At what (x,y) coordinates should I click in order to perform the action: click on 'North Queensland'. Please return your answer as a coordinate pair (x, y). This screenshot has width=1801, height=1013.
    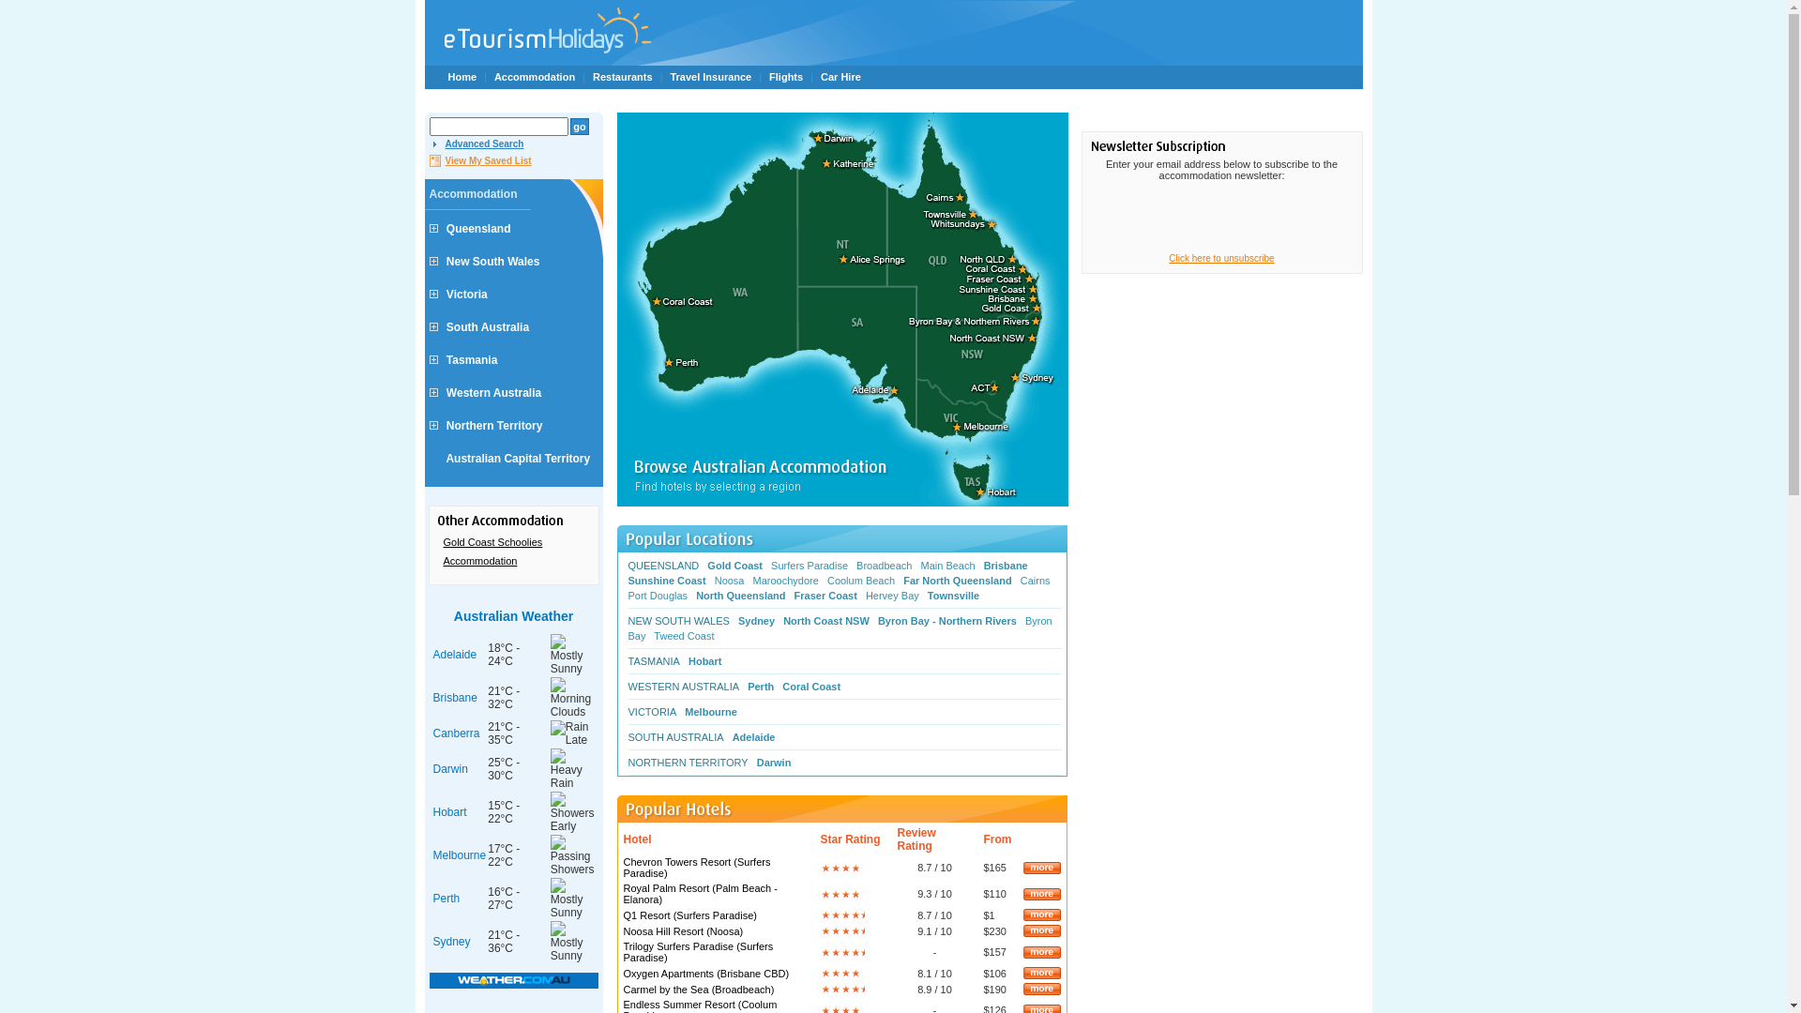
    Looking at the image, I should click on (742, 596).